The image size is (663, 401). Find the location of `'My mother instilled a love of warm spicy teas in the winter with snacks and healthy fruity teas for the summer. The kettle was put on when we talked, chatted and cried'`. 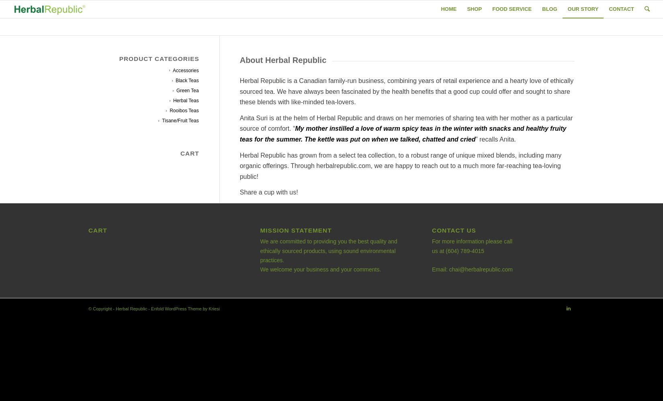

'My mother instilled a love of warm spicy teas in the winter with snacks and healthy fruity teas for the summer. The kettle was put on when we talked, chatted and cried' is located at coordinates (239, 133).